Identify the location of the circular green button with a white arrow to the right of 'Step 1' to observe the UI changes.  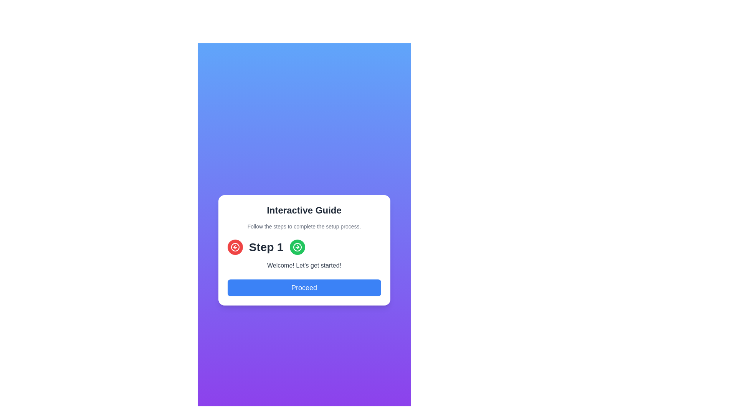
(297, 247).